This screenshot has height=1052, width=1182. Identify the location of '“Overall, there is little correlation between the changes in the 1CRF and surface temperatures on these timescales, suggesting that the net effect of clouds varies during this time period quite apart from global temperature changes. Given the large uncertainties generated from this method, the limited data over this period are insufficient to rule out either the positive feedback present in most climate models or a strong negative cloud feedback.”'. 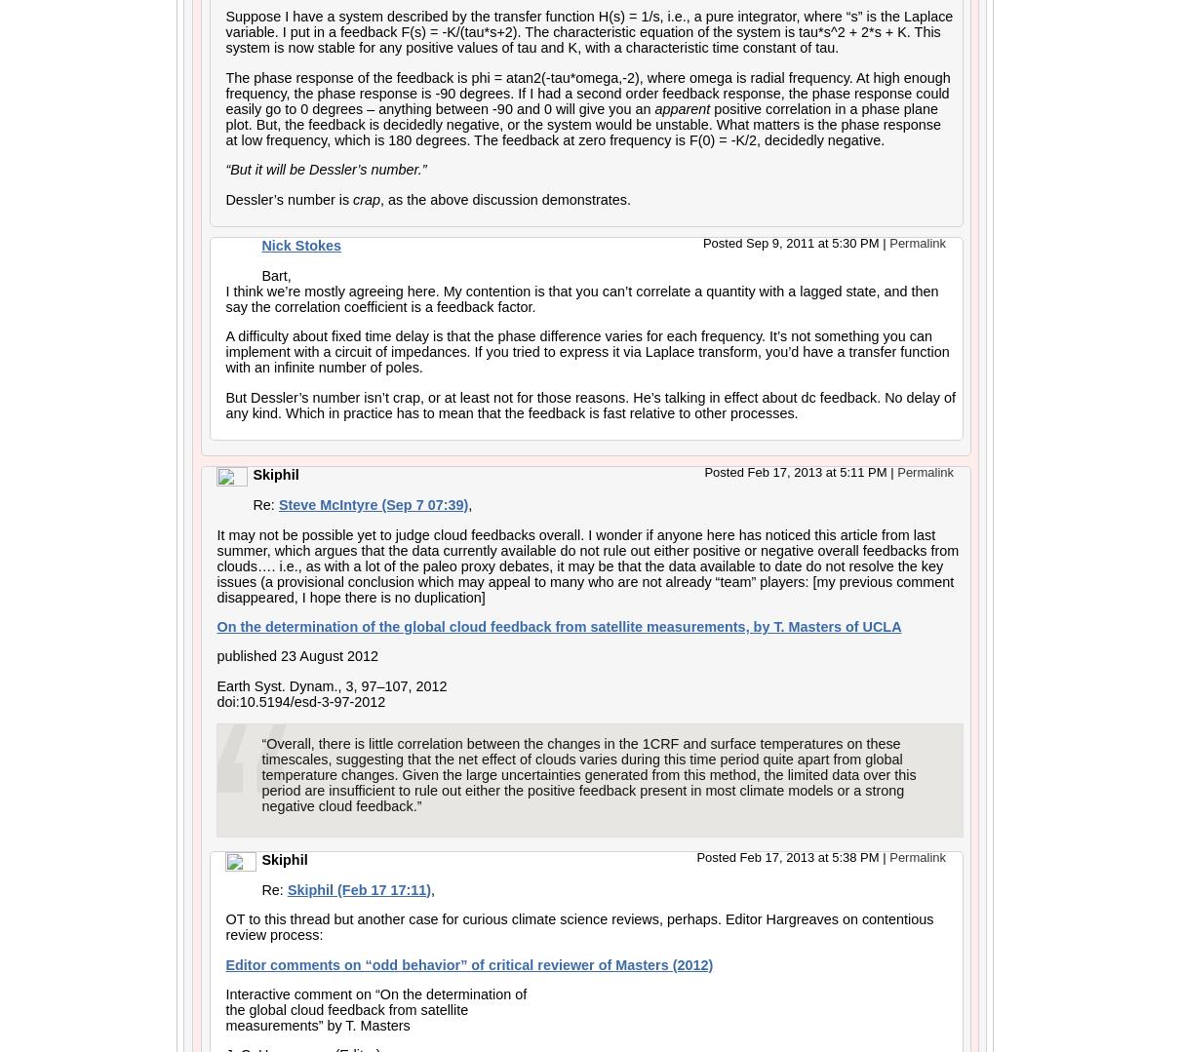
(260, 774).